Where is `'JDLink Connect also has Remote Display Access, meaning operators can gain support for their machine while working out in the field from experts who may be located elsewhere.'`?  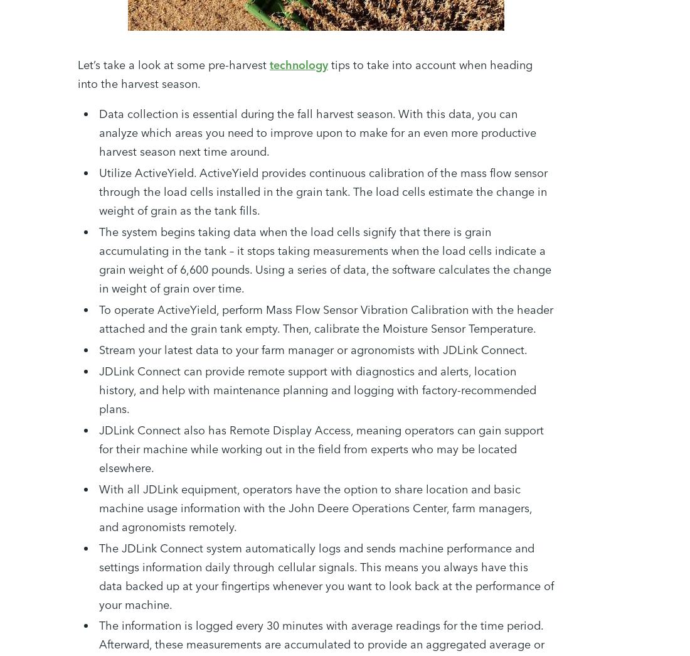
'JDLink Connect also has Remote Display Access, meaning operators can gain support for their machine while working out in the field from experts who may be located elsewhere.' is located at coordinates (321, 448).